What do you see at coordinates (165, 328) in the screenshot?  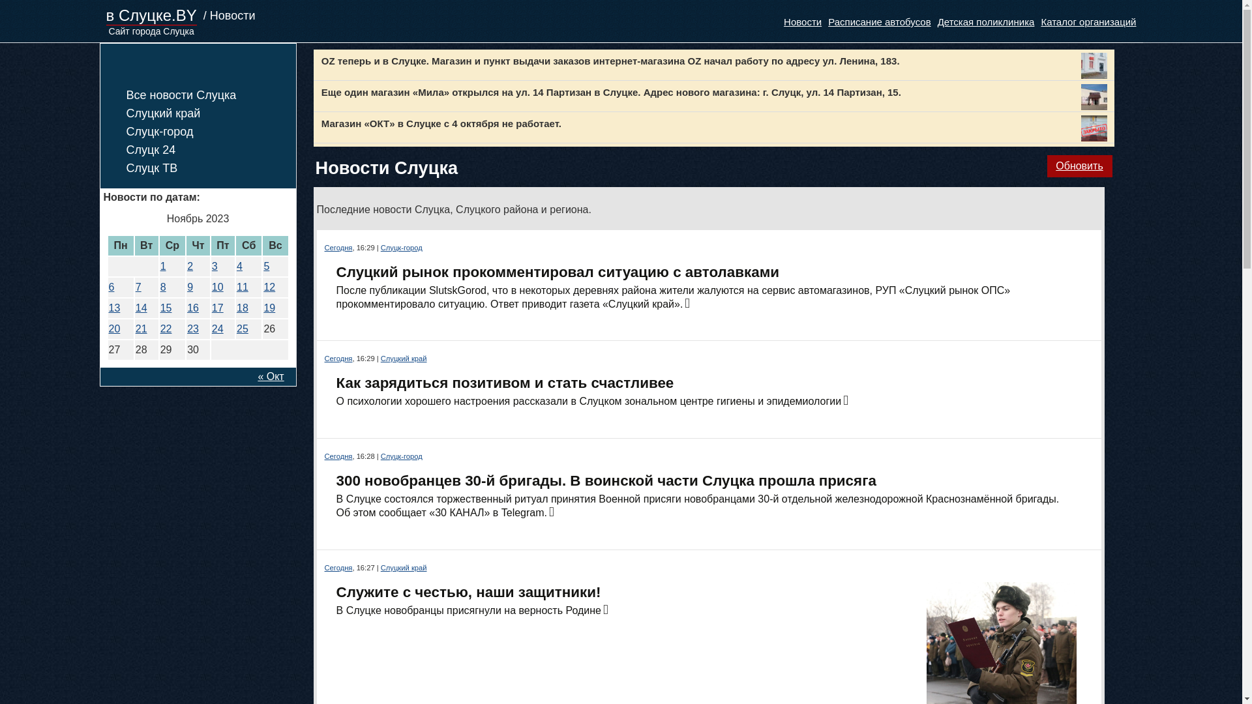 I see `'22'` at bounding box center [165, 328].